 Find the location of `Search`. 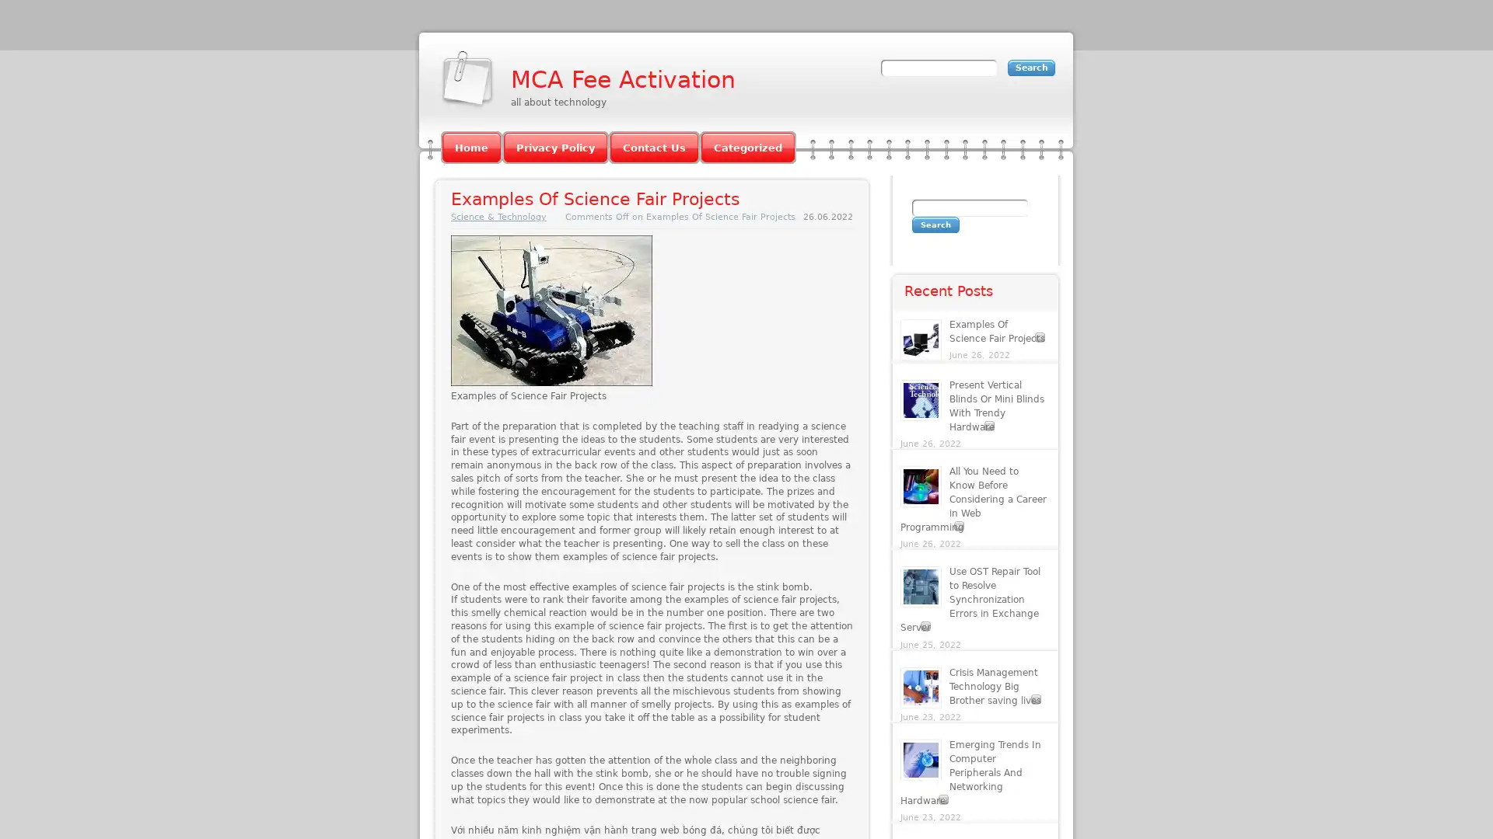

Search is located at coordinates (1031, 67).